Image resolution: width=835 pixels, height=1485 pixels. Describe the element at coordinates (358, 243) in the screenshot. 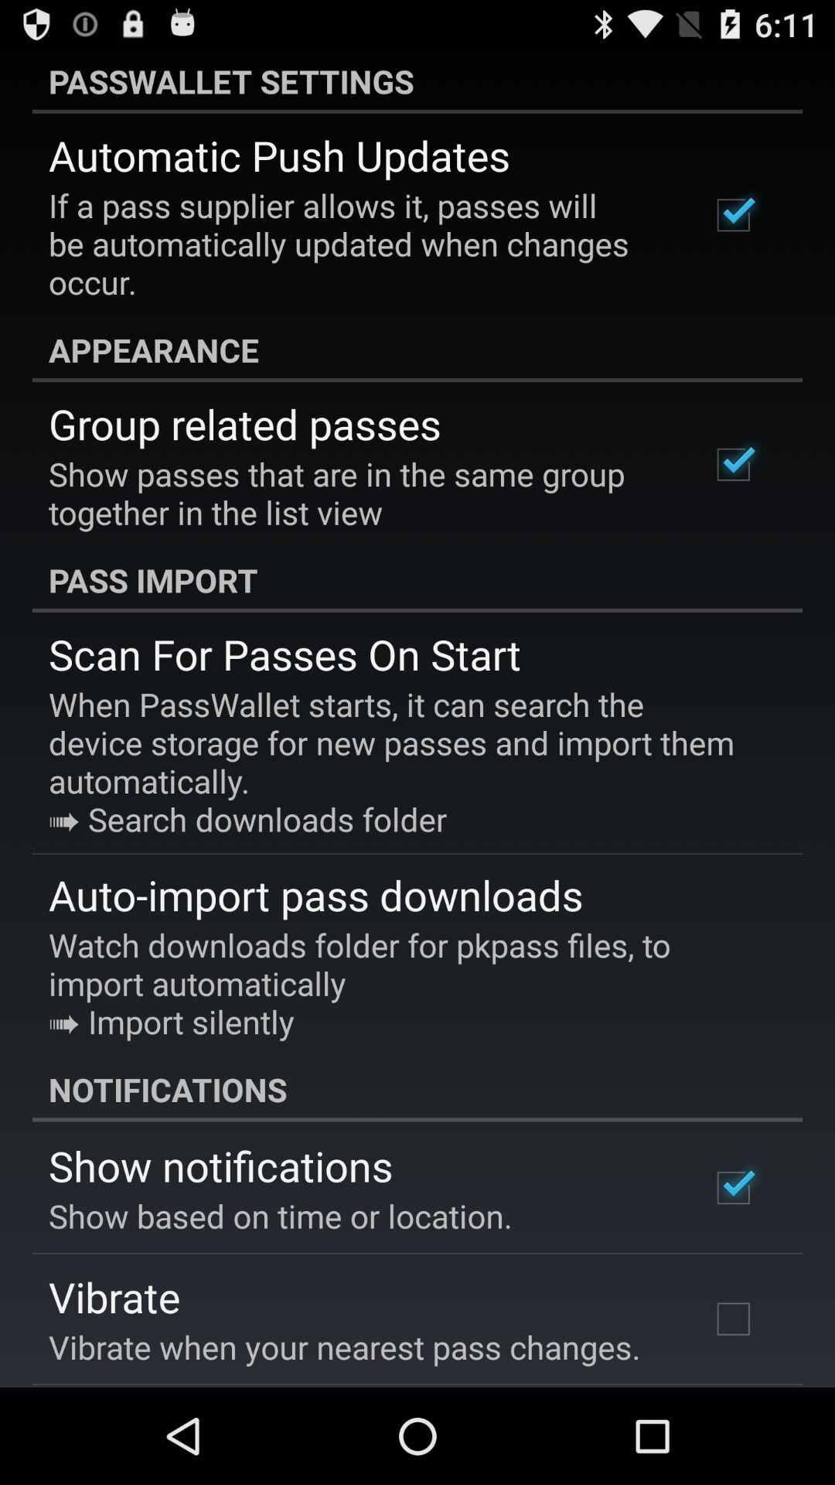

I see `item below automatic push updates` at that location.